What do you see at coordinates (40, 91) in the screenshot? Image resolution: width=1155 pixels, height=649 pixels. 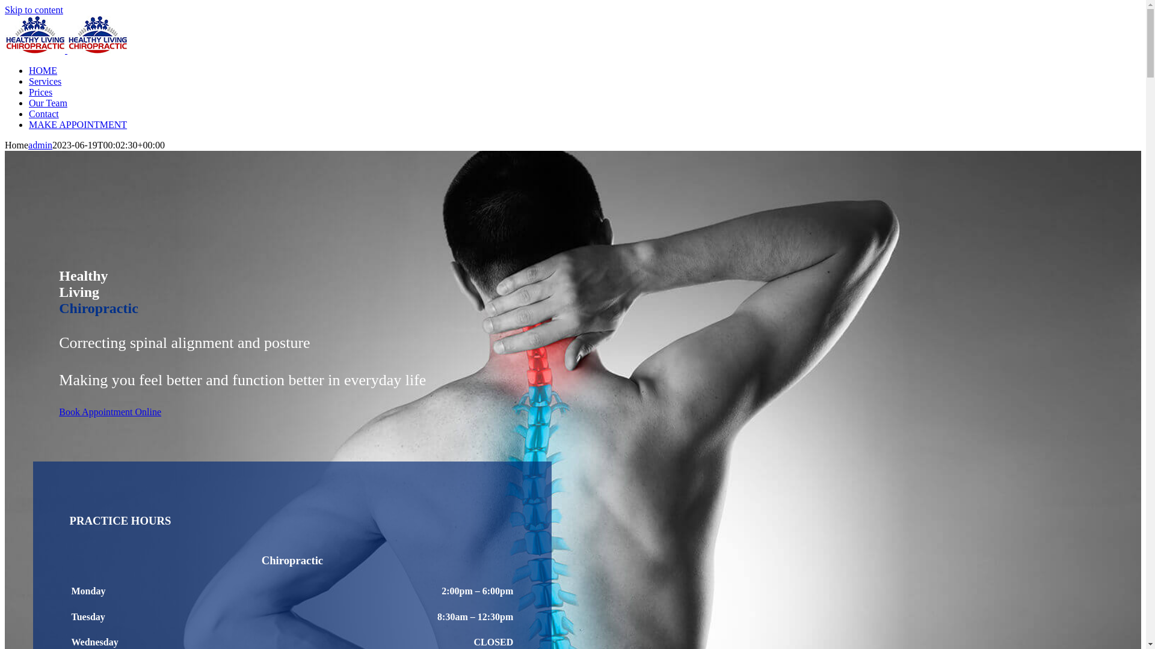 I see `'Prices'` at bounding box center [40, 91].